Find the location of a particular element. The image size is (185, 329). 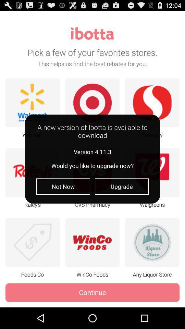

the not now is located at coordinates (63, 186).